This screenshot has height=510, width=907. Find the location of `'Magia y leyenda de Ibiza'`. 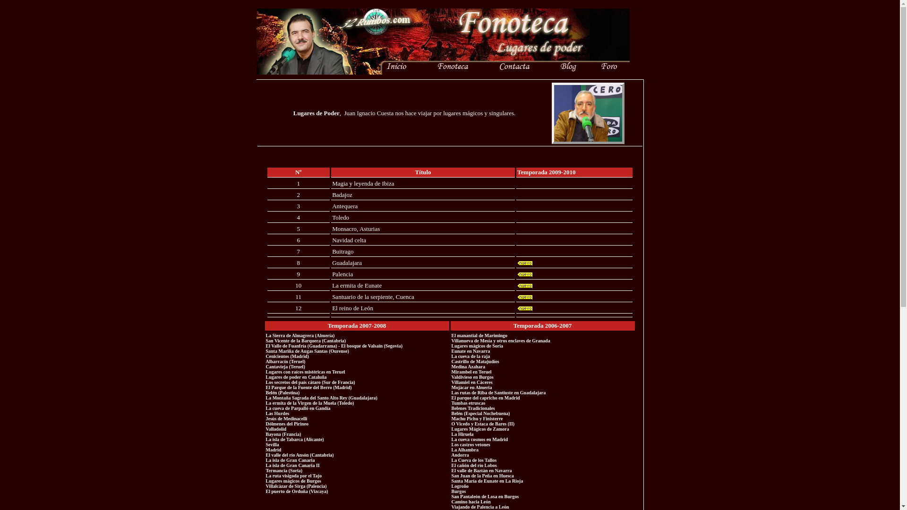

'Magia y leyenda de Ibiza' is located at coordinates (362, 183).